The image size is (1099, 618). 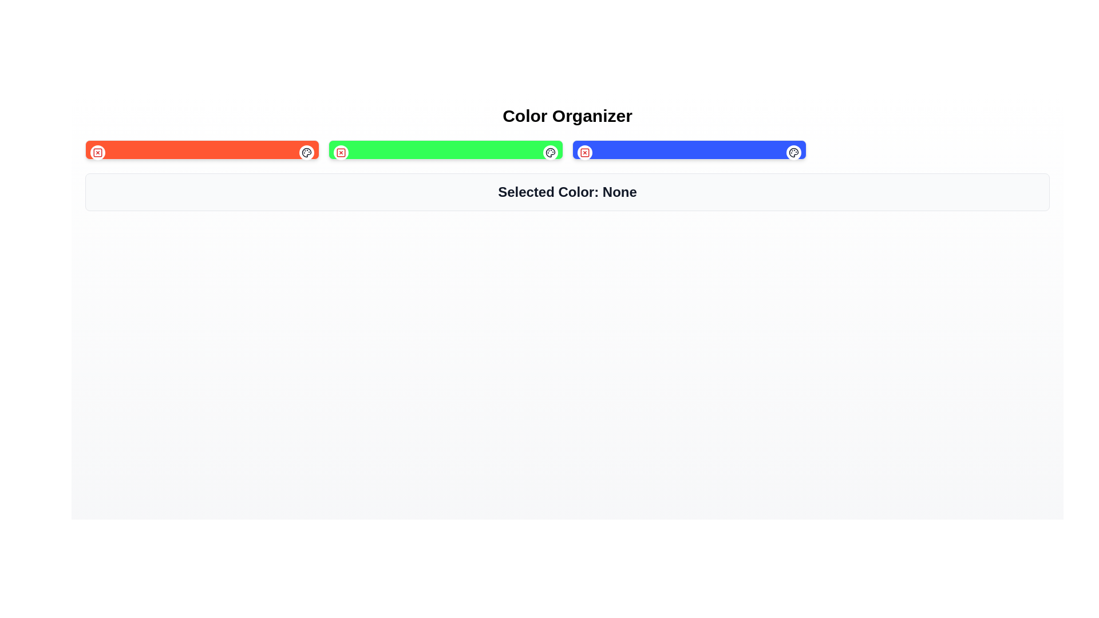 What do you see at coordinates (584, 152) in the screenshot?
I see `the red square-shaped icon with rounded corners containing an 'X' symbol` at bounding box center [584, 152].